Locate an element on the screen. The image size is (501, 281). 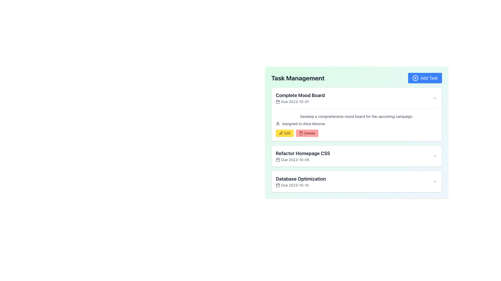
the upward-pointing triangular icon button located in the upper-right corner of the 'Complete Mood Board' task card is located at coordinates (435, 98).